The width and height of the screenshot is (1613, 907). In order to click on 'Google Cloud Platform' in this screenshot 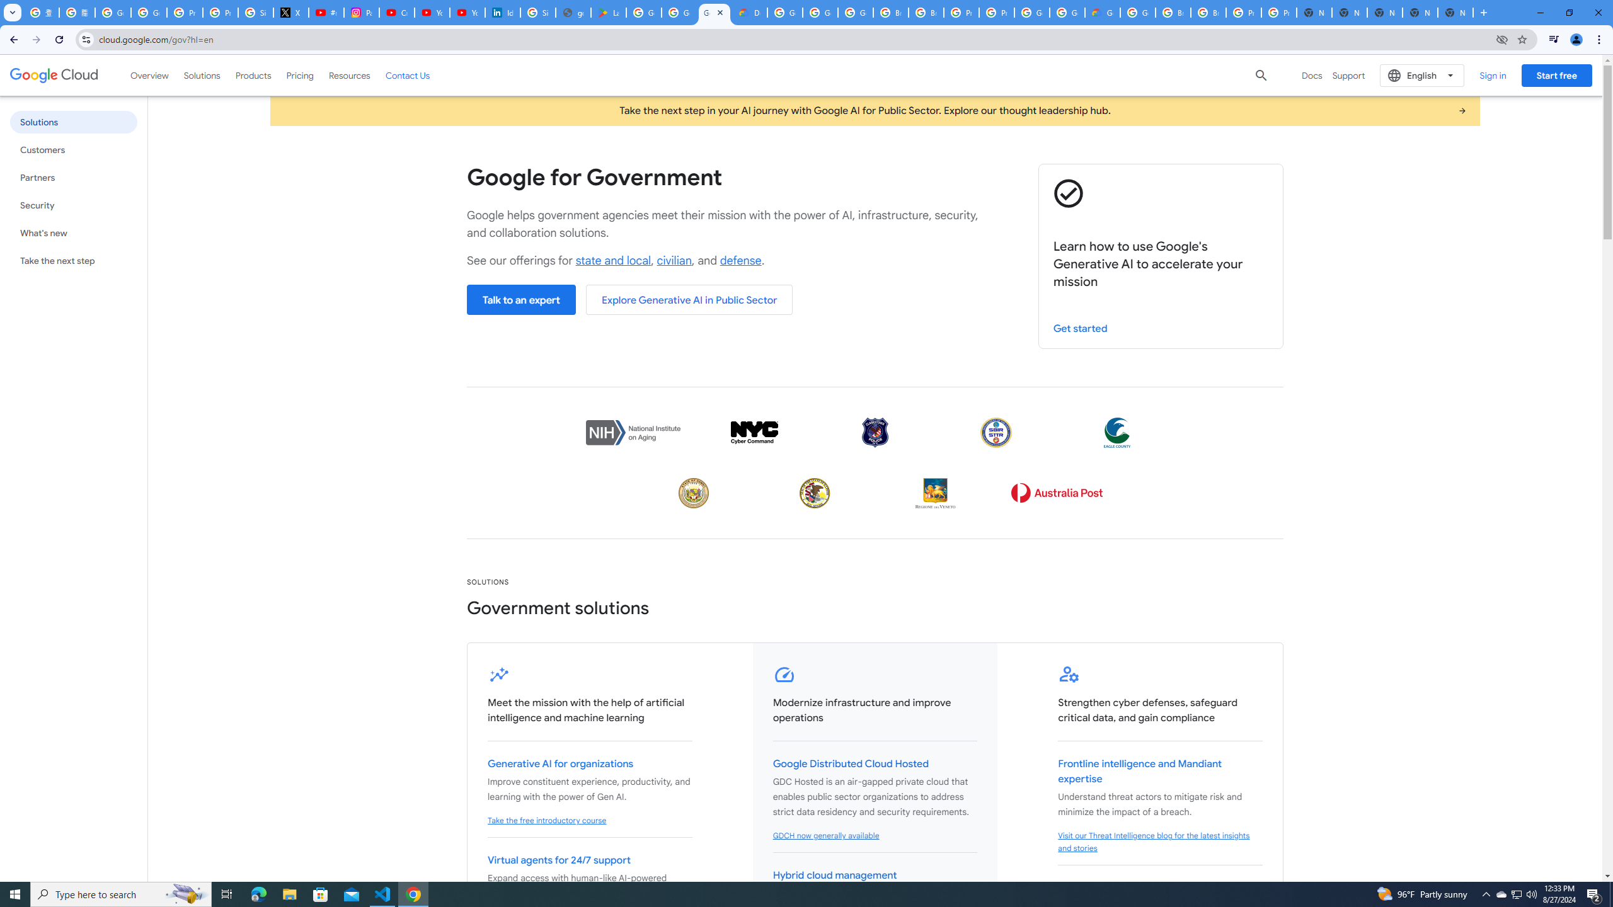, I will do `click(1031, 12)`.